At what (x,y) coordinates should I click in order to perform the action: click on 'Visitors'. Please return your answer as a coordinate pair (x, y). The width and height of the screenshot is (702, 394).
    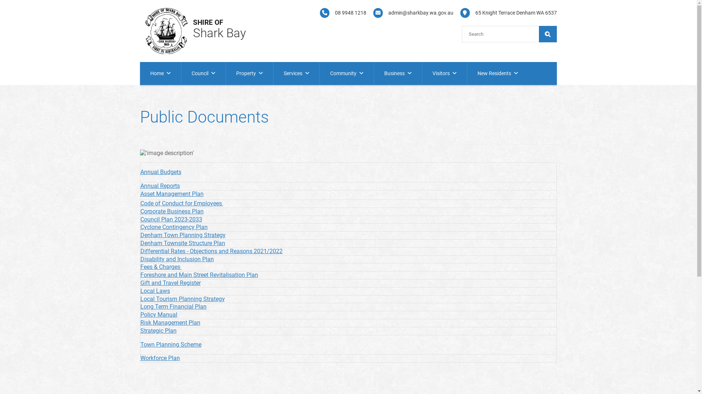
    Looking at the image, I should click on (444, 73).